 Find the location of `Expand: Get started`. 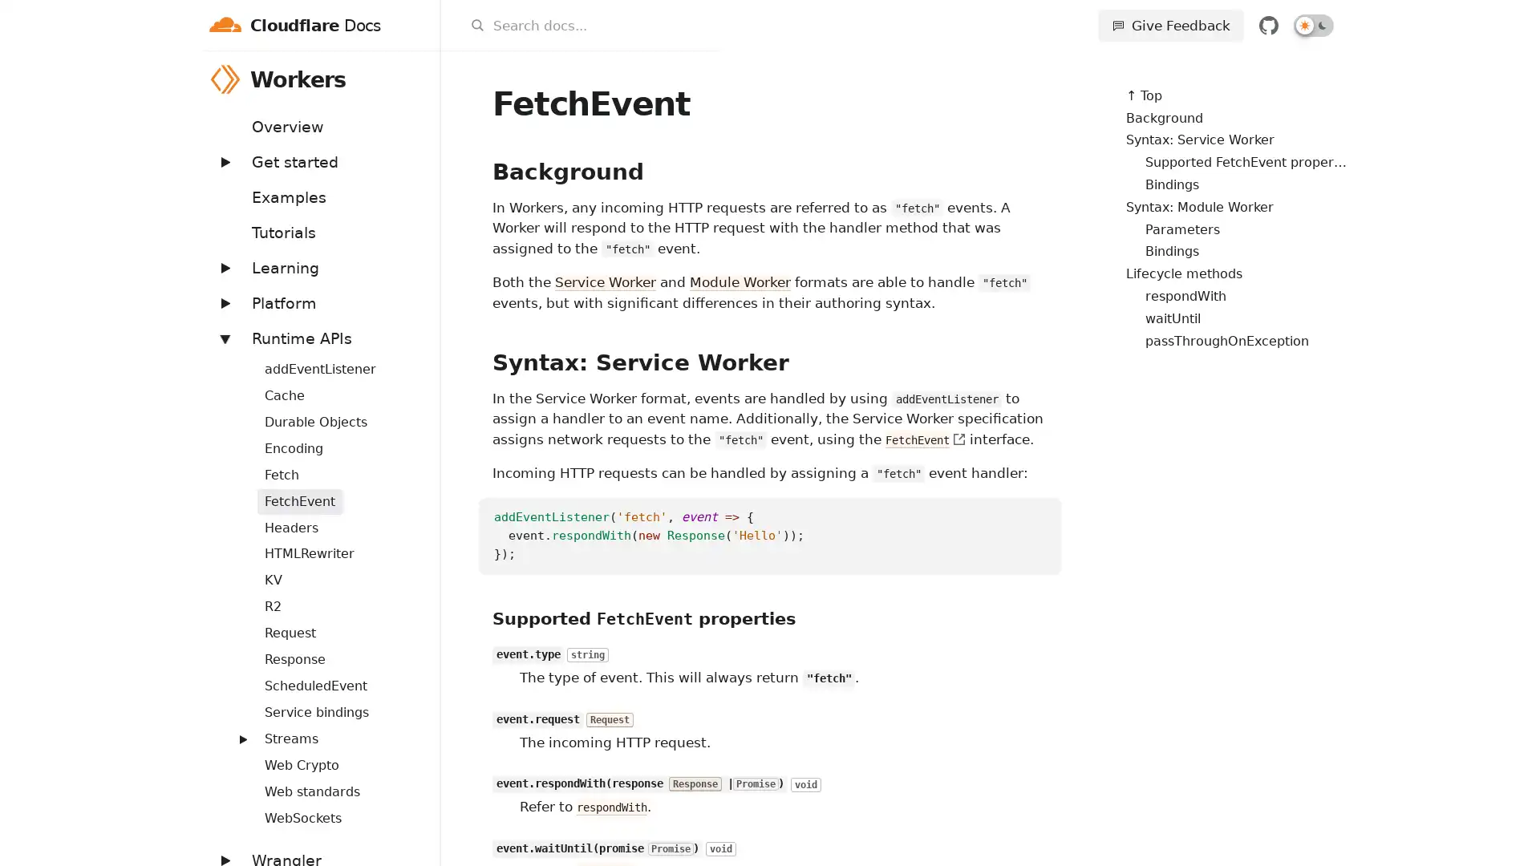

Expand: Get started is located at coordinates (223, 161).